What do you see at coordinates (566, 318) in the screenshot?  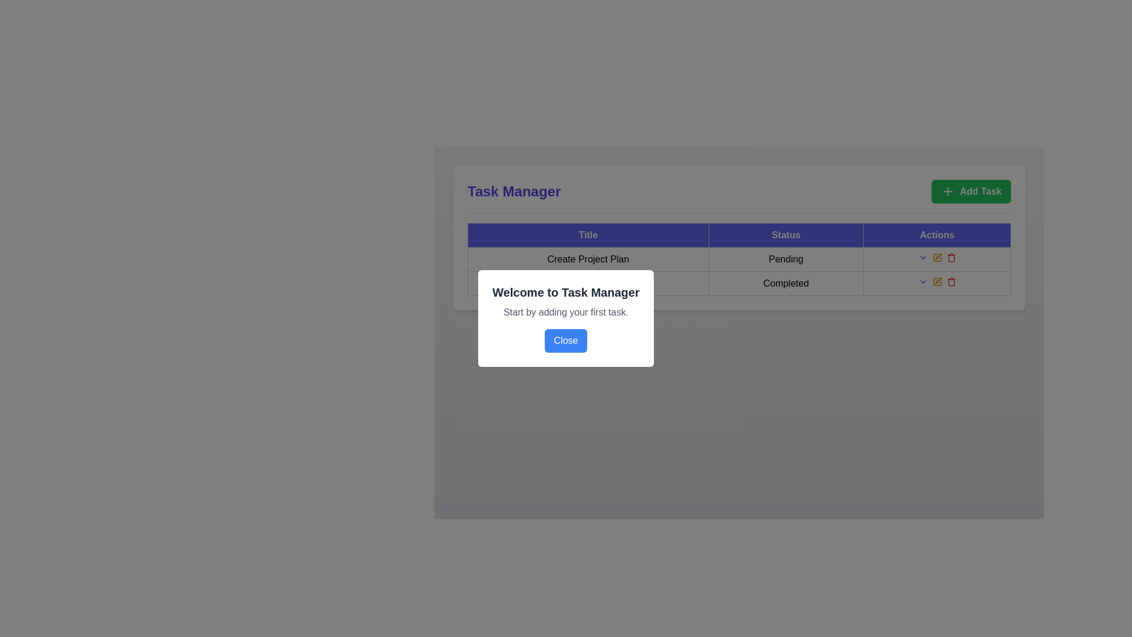 I see `the modal dialog box that introduces users to the task management tool and prompts them to start adding tasks` at bounding box center [566, 318].